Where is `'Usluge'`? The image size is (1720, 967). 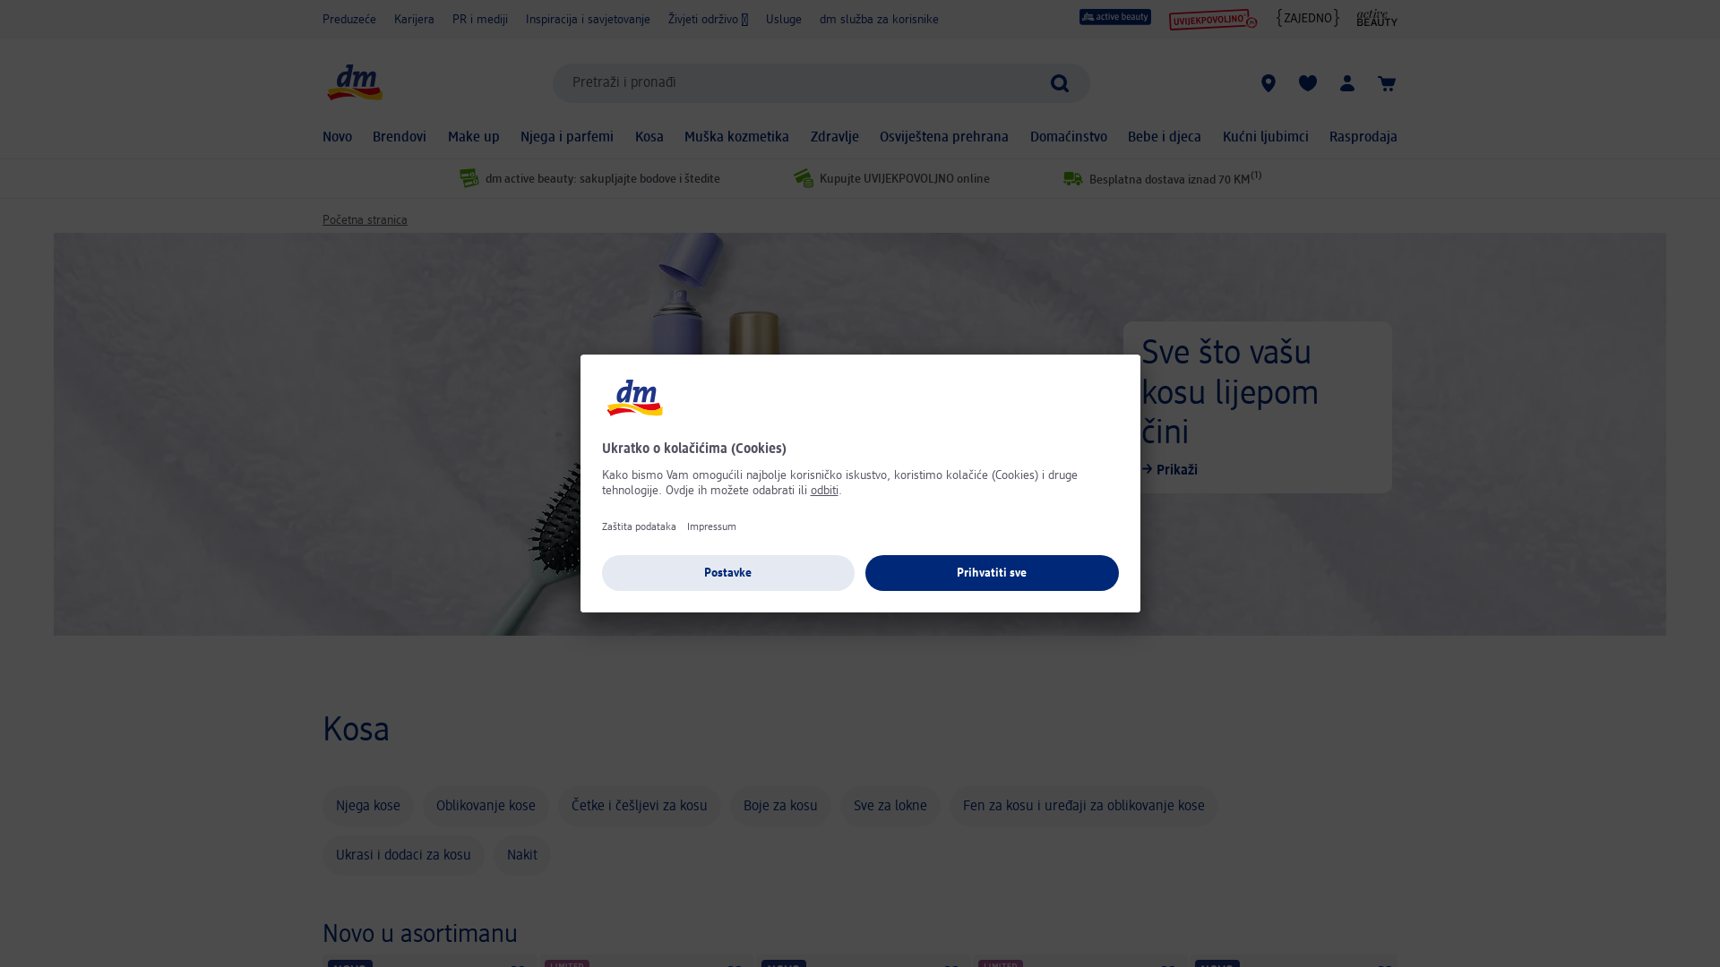 'Usluge' is located at coordinates (760, 20).